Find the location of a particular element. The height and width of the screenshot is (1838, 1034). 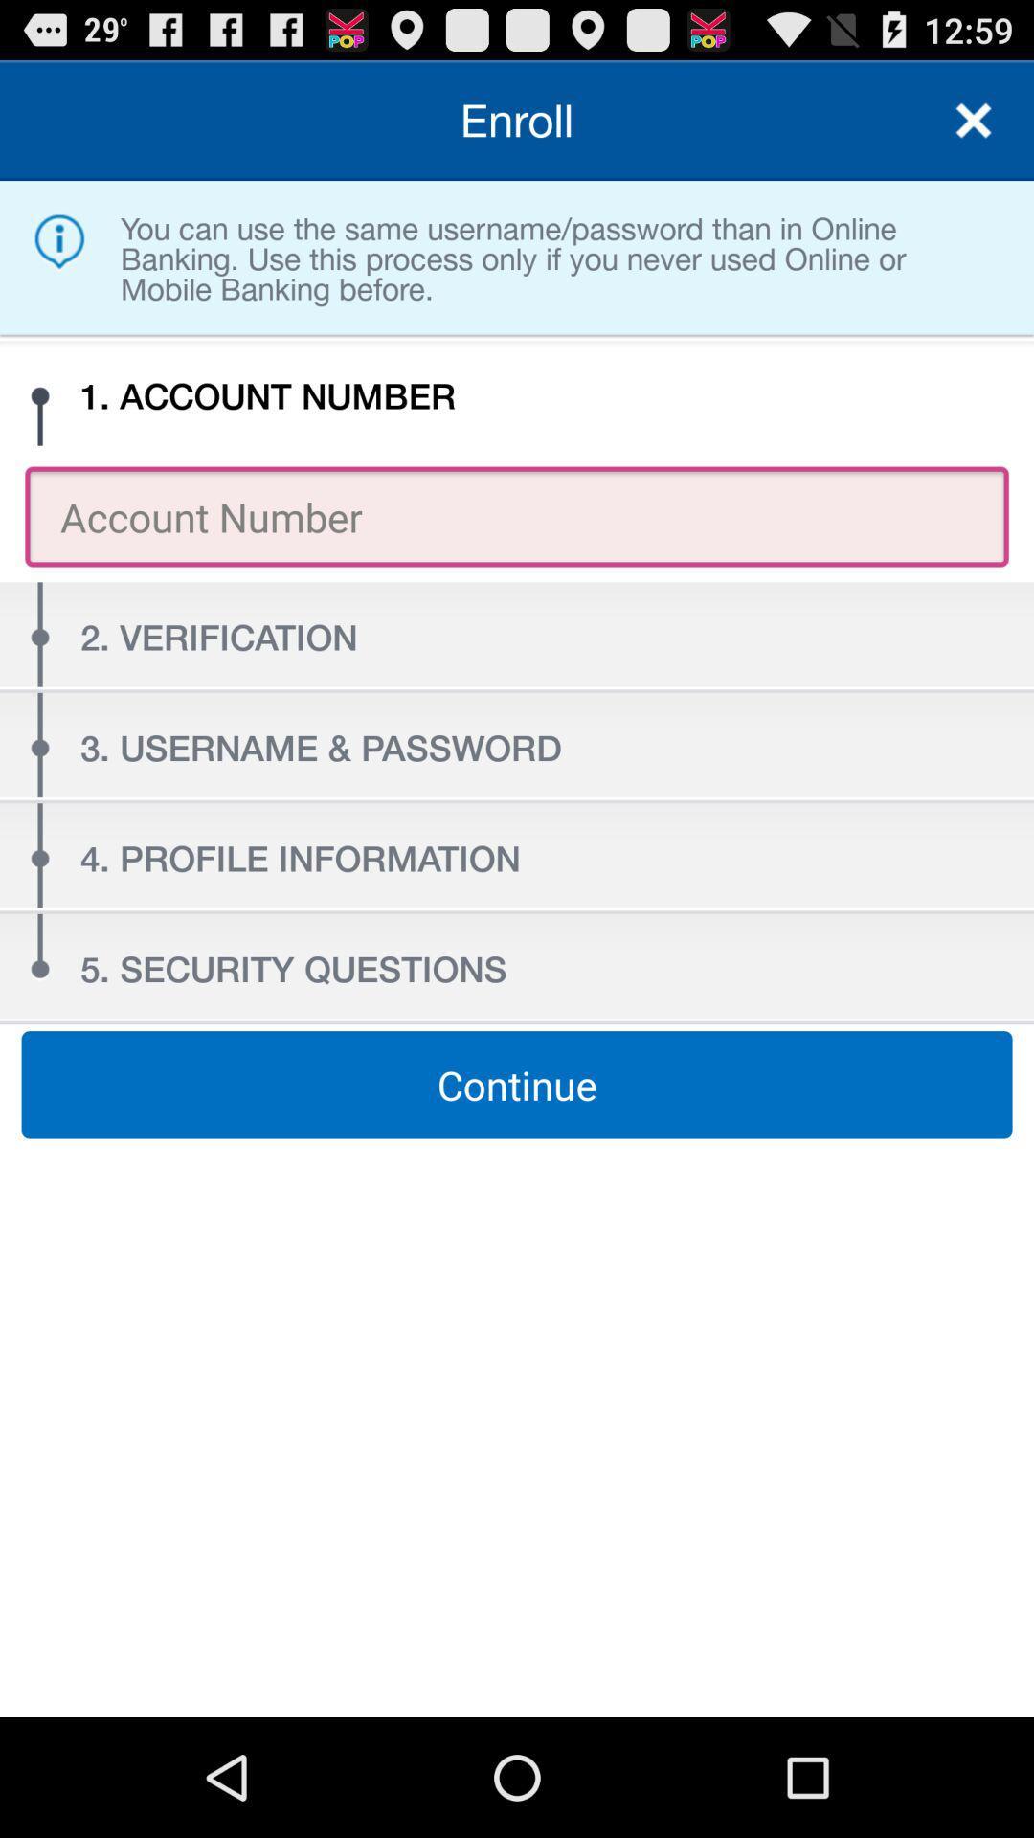

icon above 2. verification is located at coordinates (517, 516).